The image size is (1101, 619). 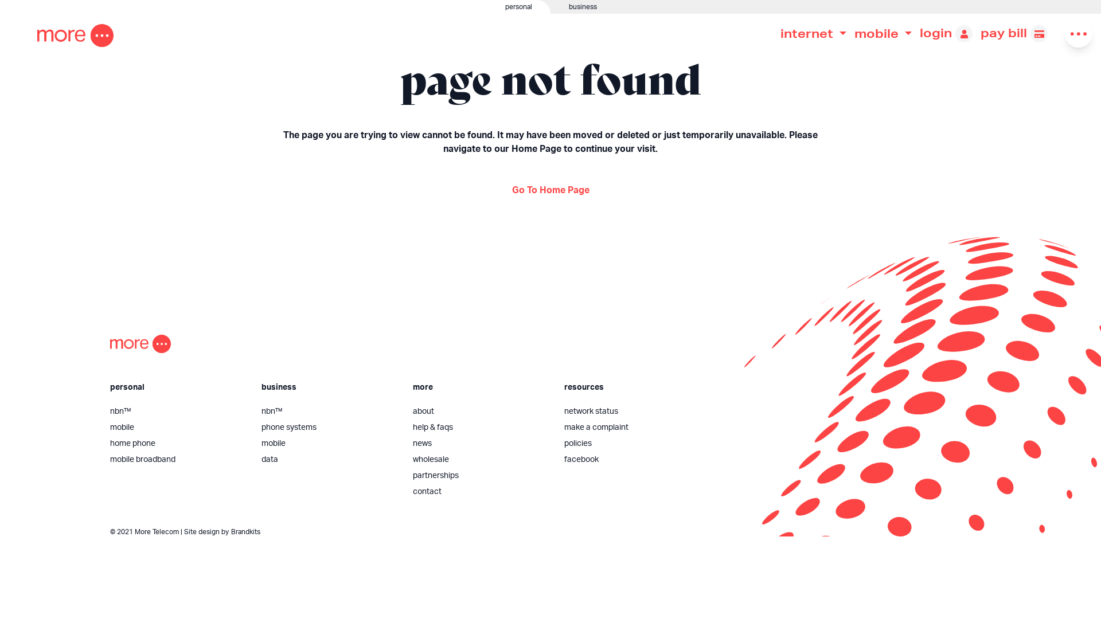 I want to click on 'phone systems', so click(x=327, y=427).